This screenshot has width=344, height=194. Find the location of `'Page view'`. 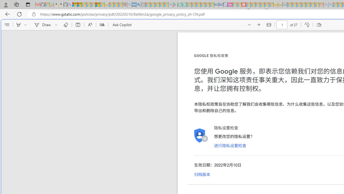

'Page view' is located at coordinates (318, 25).